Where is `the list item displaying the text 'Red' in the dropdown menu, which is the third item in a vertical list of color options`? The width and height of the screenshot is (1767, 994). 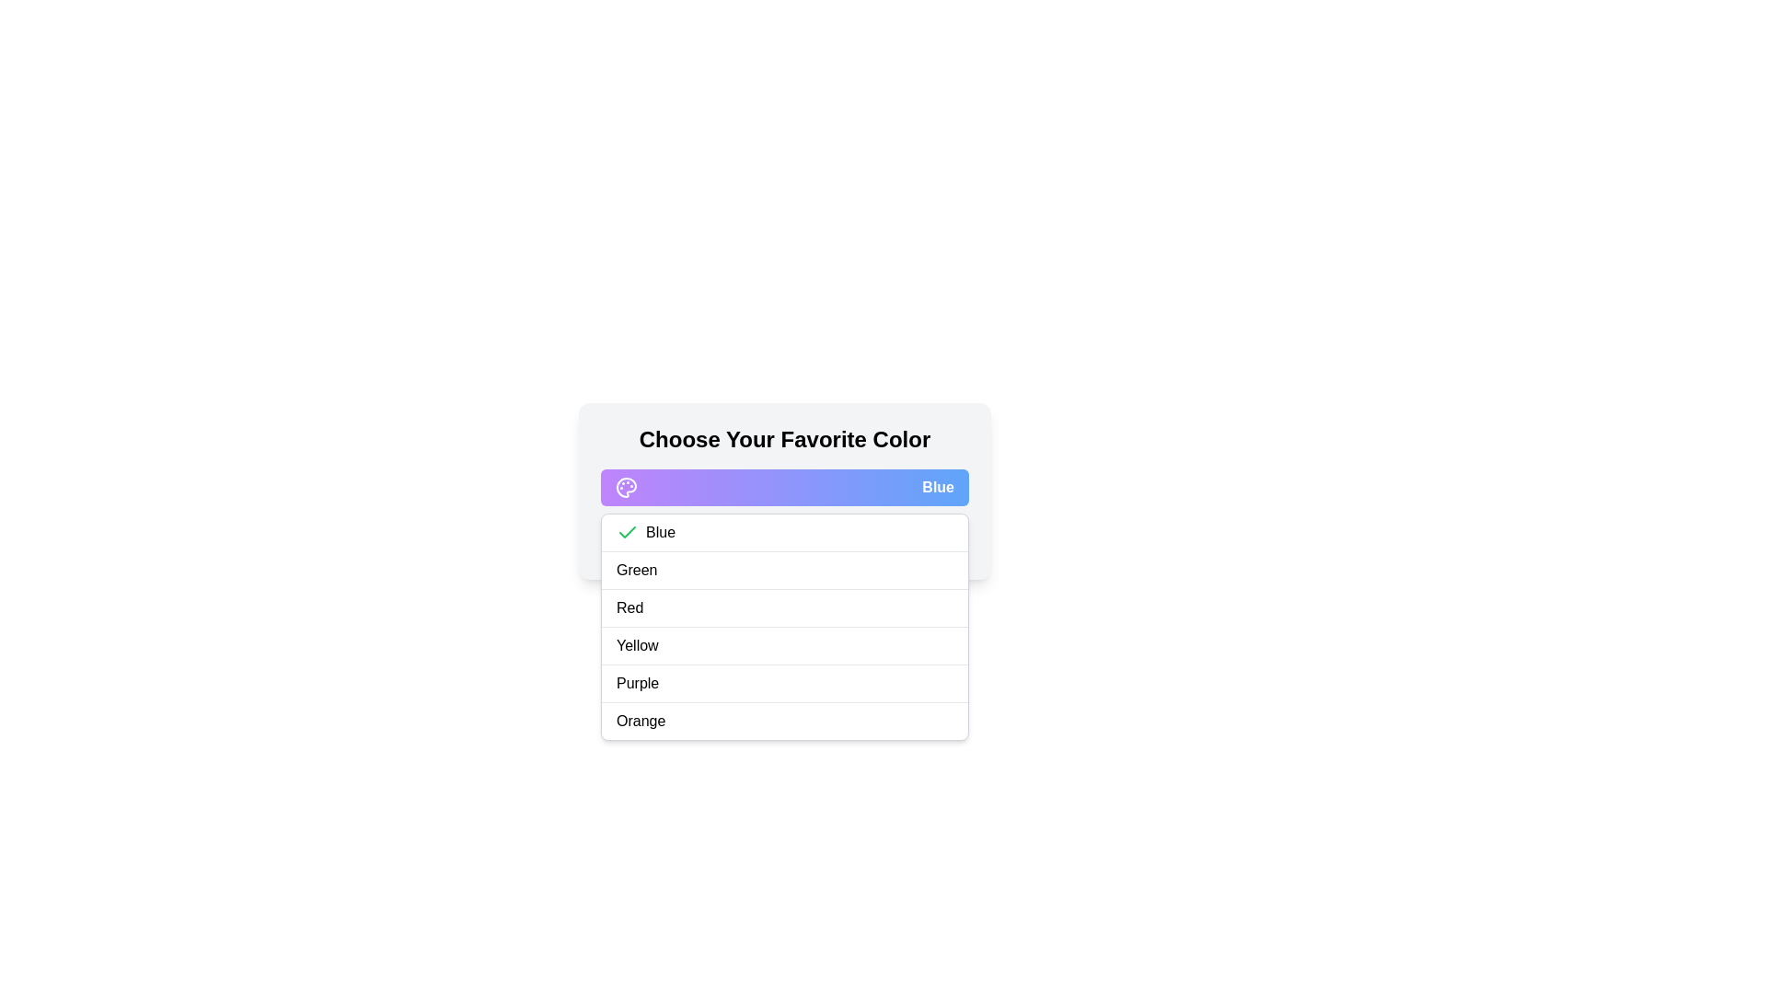 the list item displaying the text 'Red' in the dropdown menu, which is the third item in a vertical list of color options is located at coordinates (785, 608).